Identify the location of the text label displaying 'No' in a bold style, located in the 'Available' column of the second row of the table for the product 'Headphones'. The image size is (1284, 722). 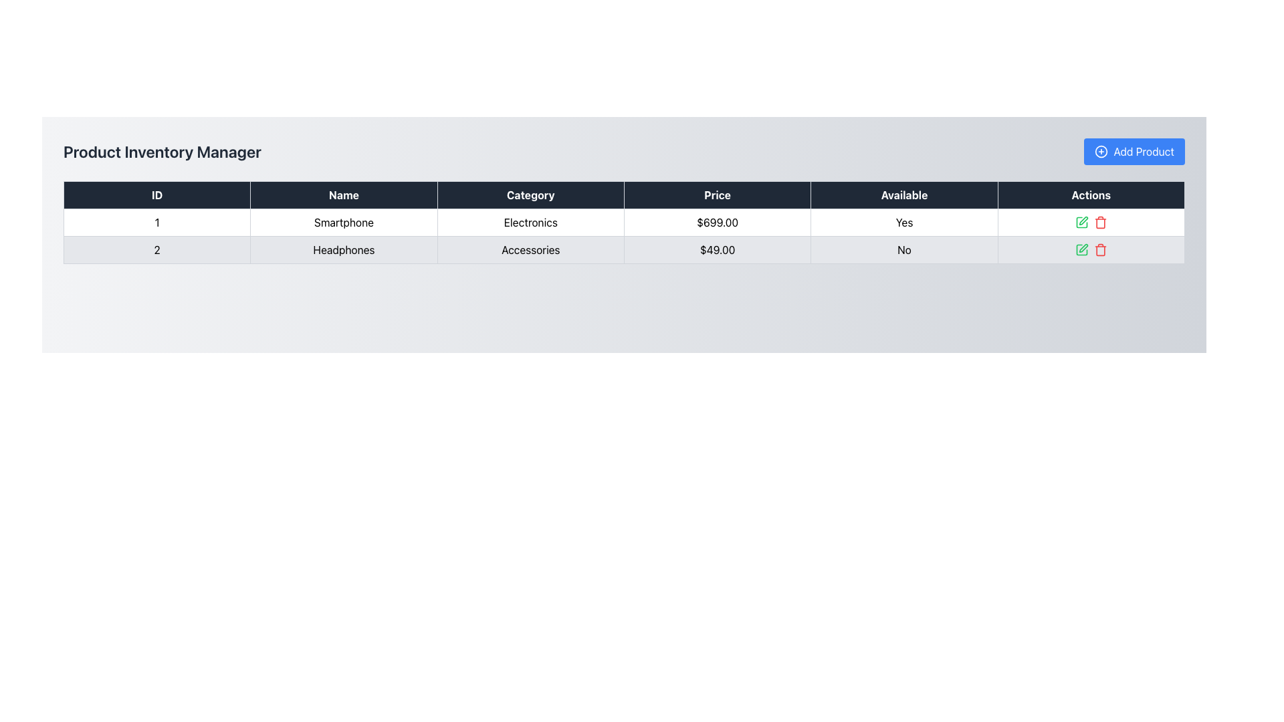
(904, 250).